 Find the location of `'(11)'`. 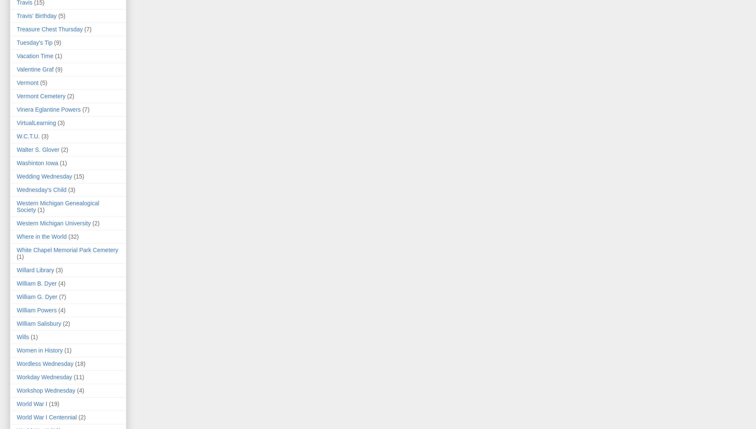

'(11)' is located at coordinates (73, 376).